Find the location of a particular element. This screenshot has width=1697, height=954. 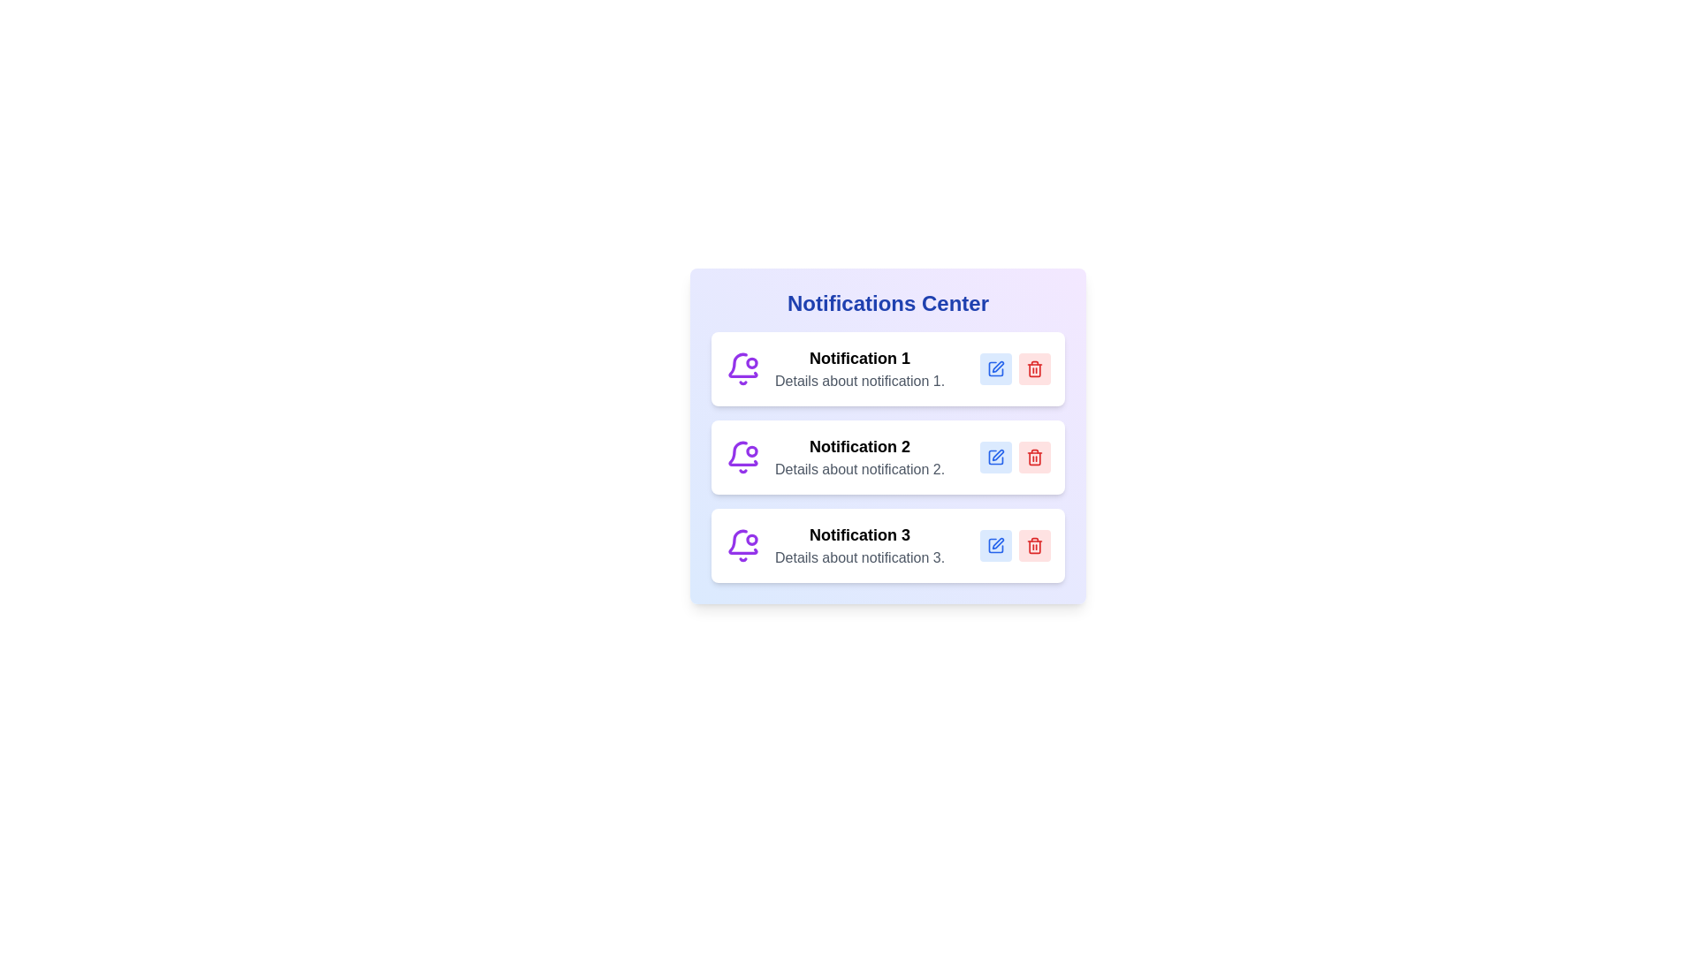

the edit button for the first notification item is located at coordinates (996, 367).